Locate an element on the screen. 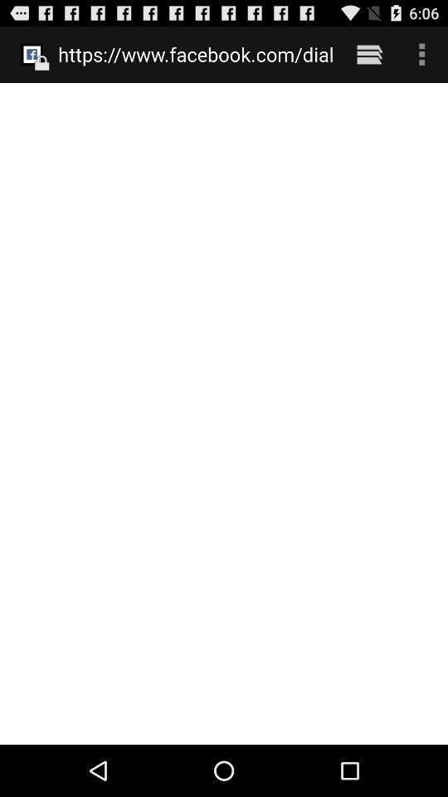 Image resolution: width=448 pixels, height=797 pixels. the https www facebook is located at coordinates (195, 54).